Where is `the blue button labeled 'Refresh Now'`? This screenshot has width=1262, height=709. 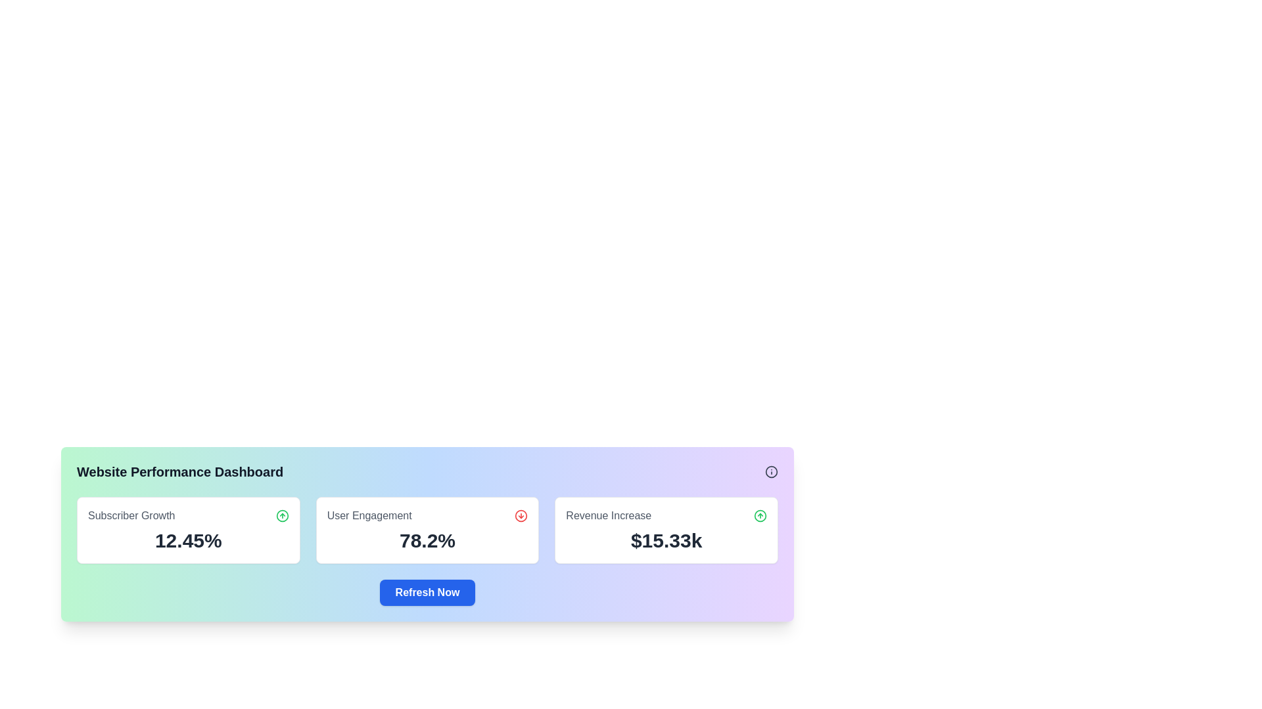
the blue button labeled 'Refresh Now' is located at coordinates (427, 592).